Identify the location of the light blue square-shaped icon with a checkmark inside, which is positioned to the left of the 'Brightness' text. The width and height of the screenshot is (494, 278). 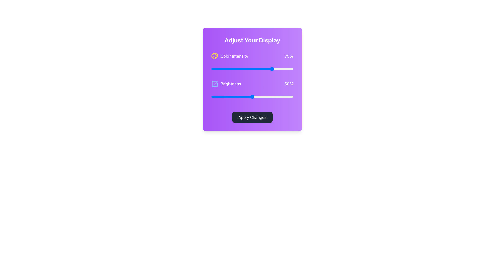
(215, 84).